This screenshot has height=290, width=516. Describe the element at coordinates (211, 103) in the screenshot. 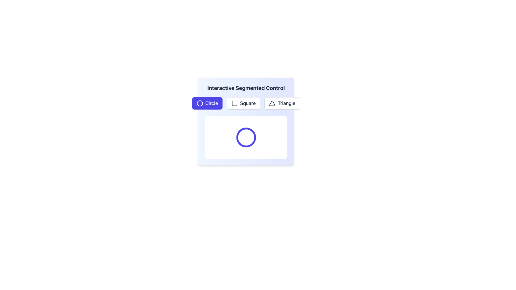

I see `the 'Circle' text label within the blue button` at that location.